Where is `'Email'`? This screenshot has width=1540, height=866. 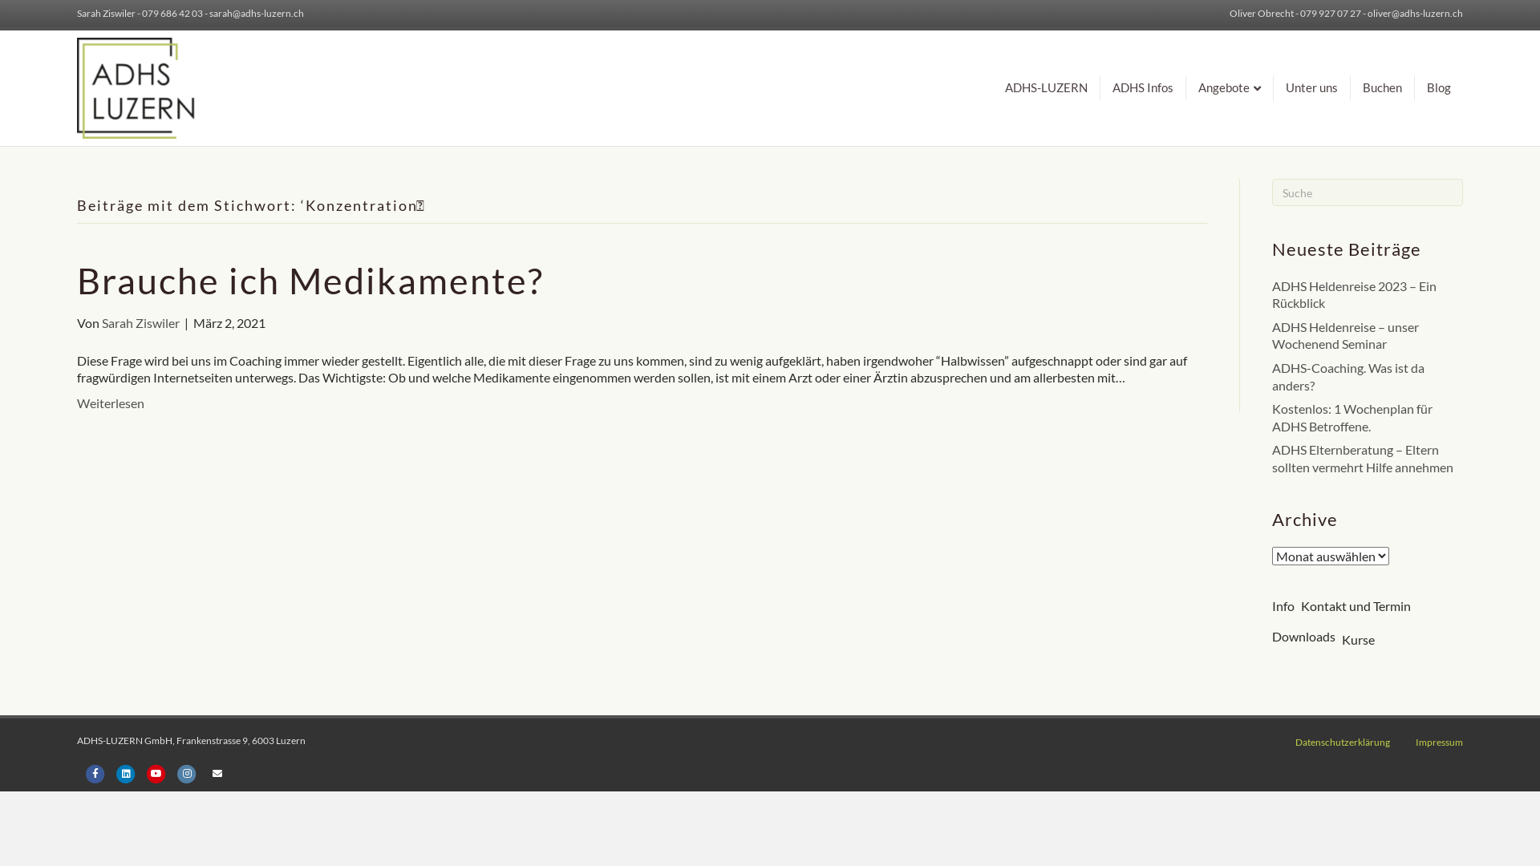 'Email' is located at coordinates (216, 772).